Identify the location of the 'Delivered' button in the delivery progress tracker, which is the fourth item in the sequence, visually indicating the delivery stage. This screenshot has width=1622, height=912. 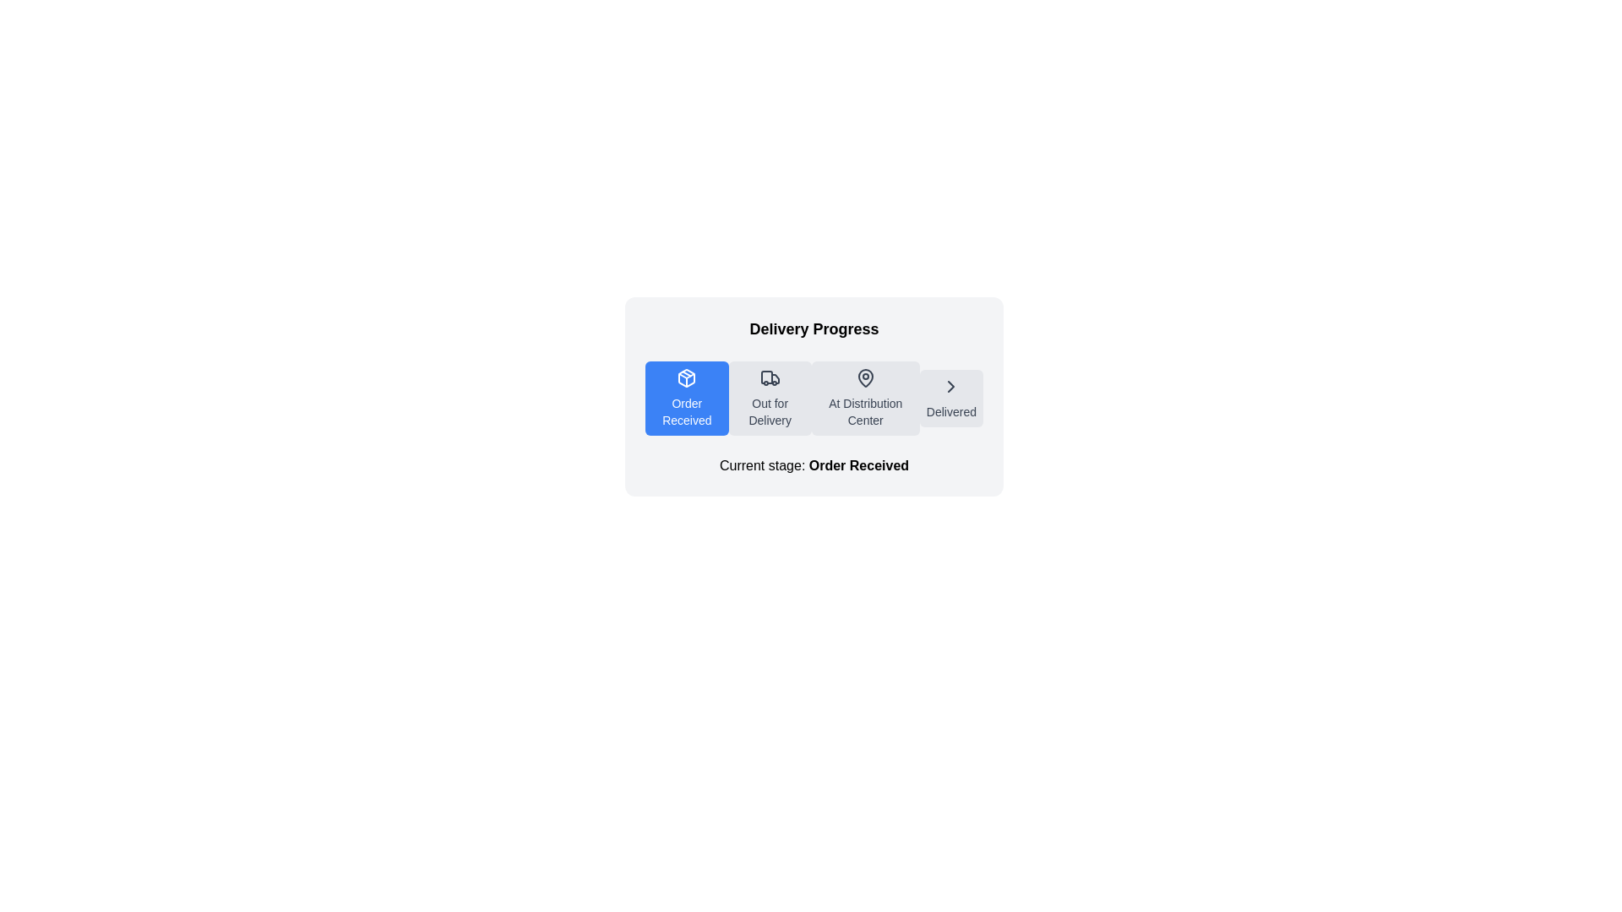
(951, 398).